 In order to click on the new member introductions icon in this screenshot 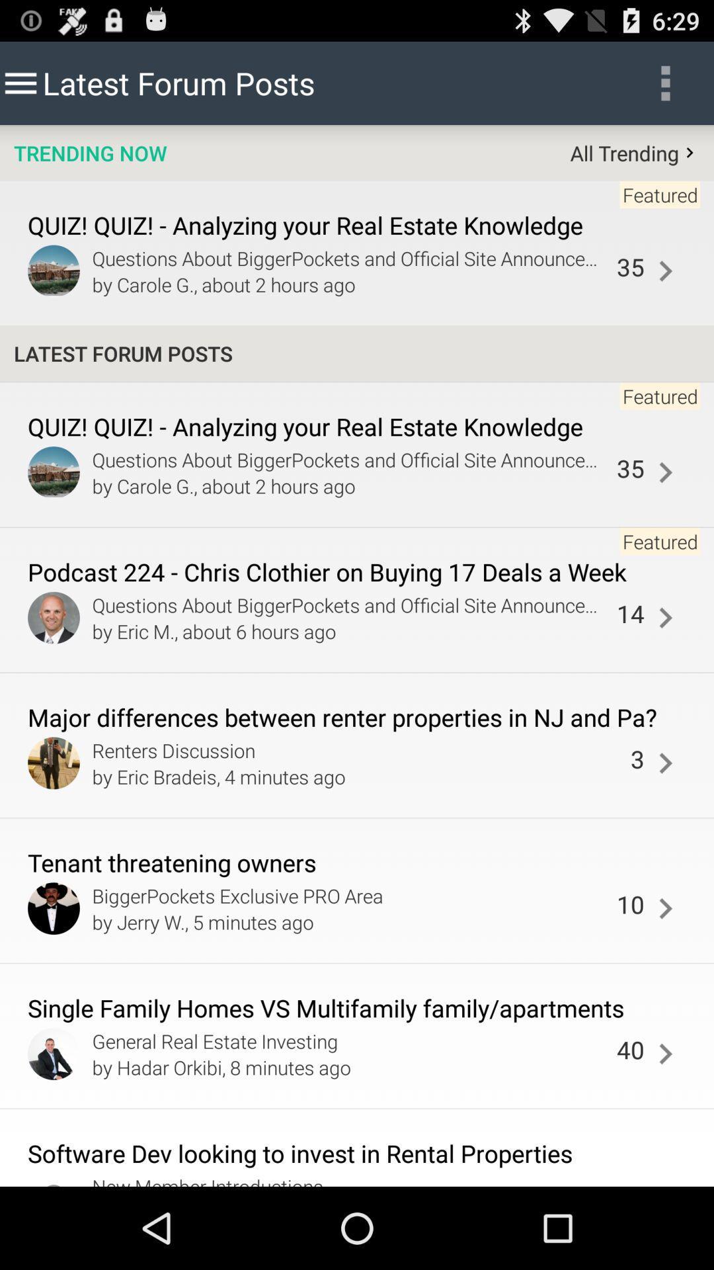, I will do `click(358, 1179)`.